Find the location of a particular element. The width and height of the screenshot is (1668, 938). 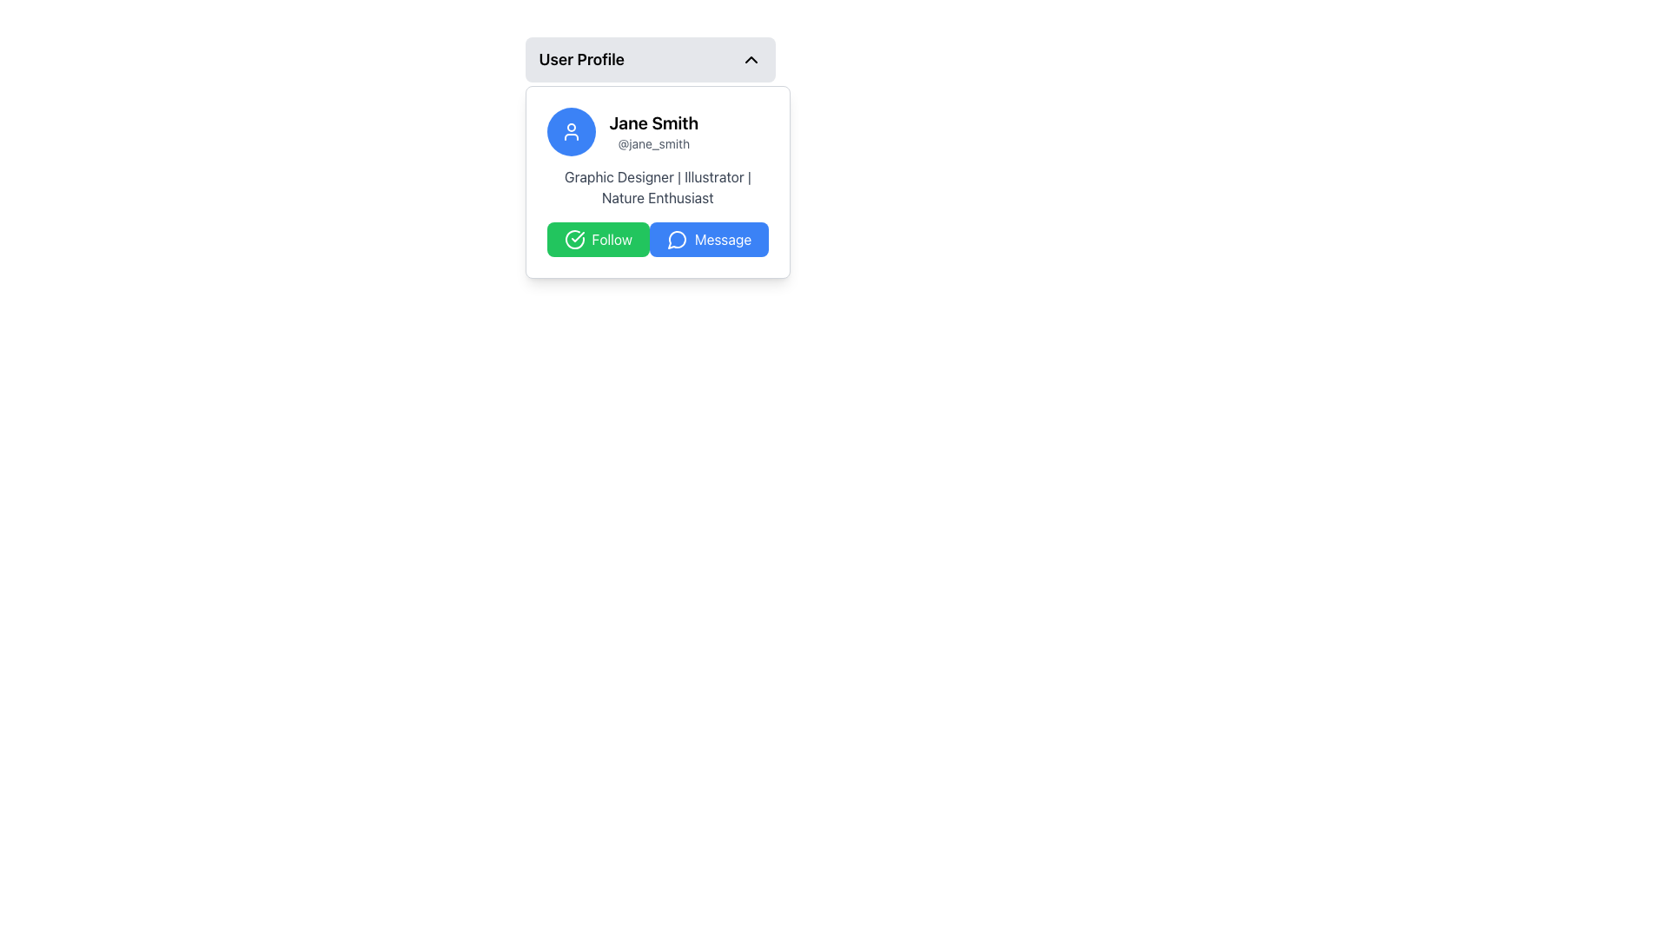

the 'Follow' button, which has a green background, white text, and a checkmark icon is located at coordinates (598, 240).